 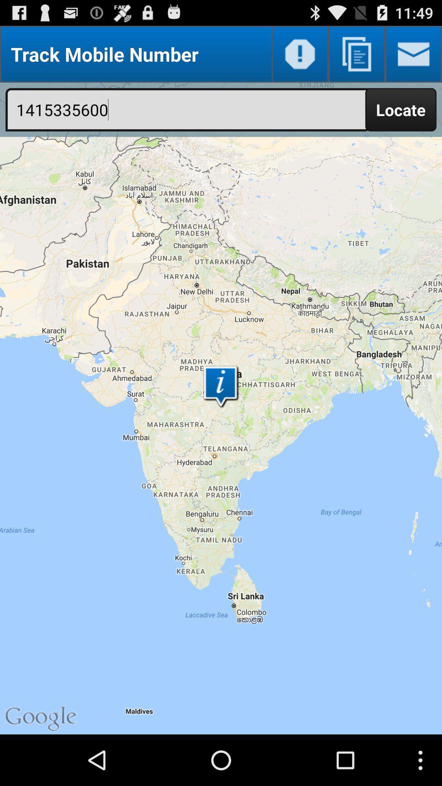 I want to click on open, so click(x=413, y=54).